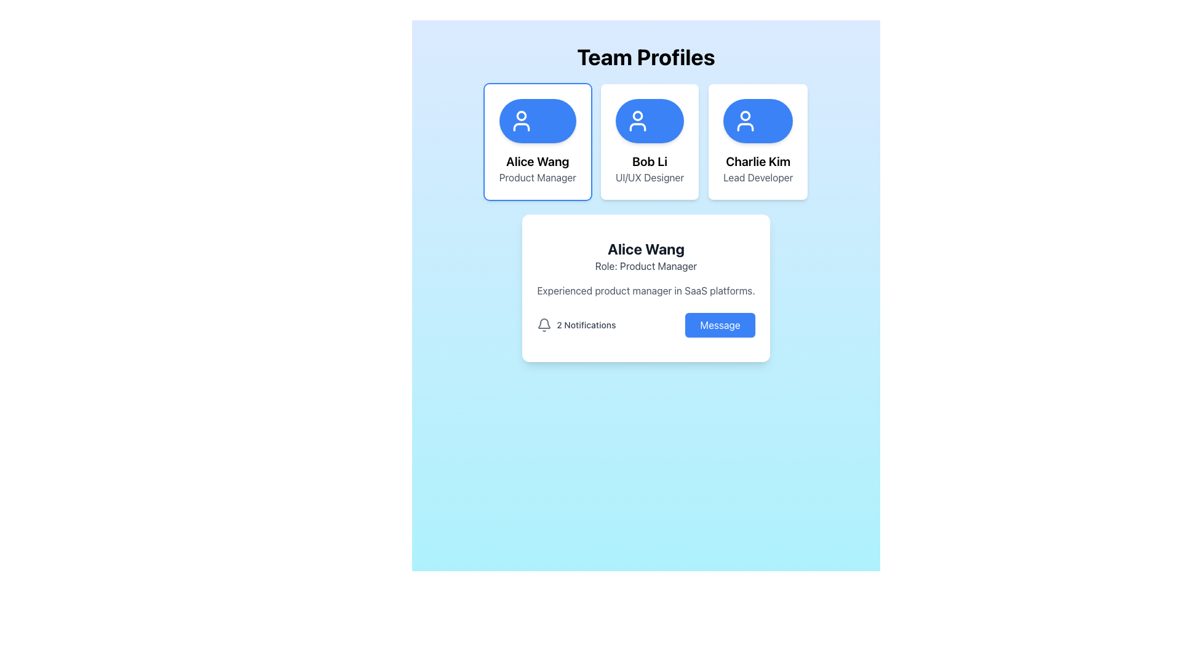 The height and width of the screenshot is (664, 1181). What do you see at coordinates (720, 324) in the screenshot?
I see `the 'Message' button` at bounding box center [720, 324].